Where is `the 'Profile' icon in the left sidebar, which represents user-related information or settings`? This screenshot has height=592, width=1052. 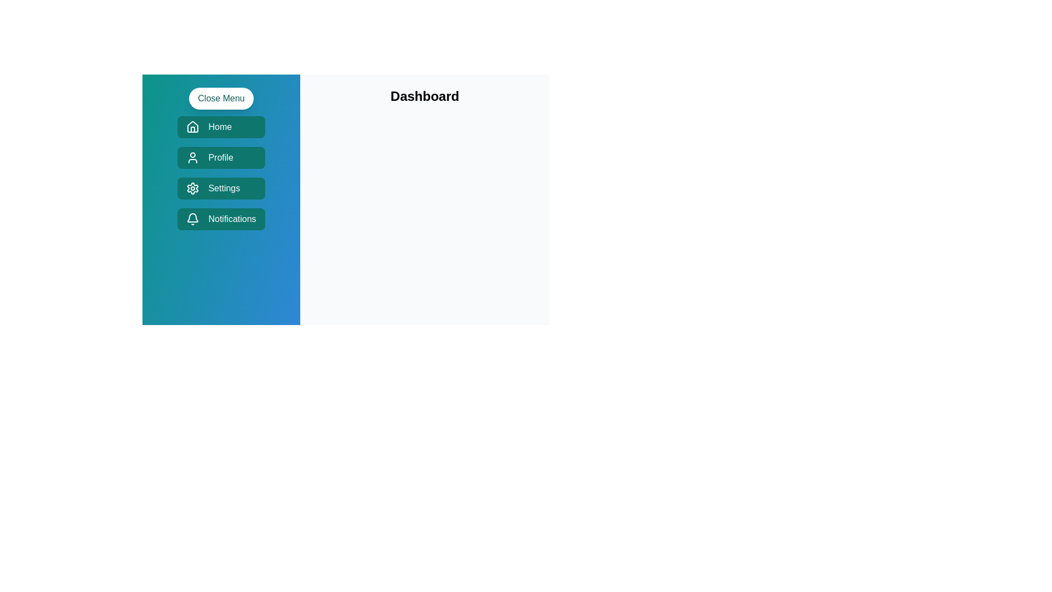
the 'Profile' icon in the left sidebar, which represents user-related information or settings is located at coordinates (193, 158).